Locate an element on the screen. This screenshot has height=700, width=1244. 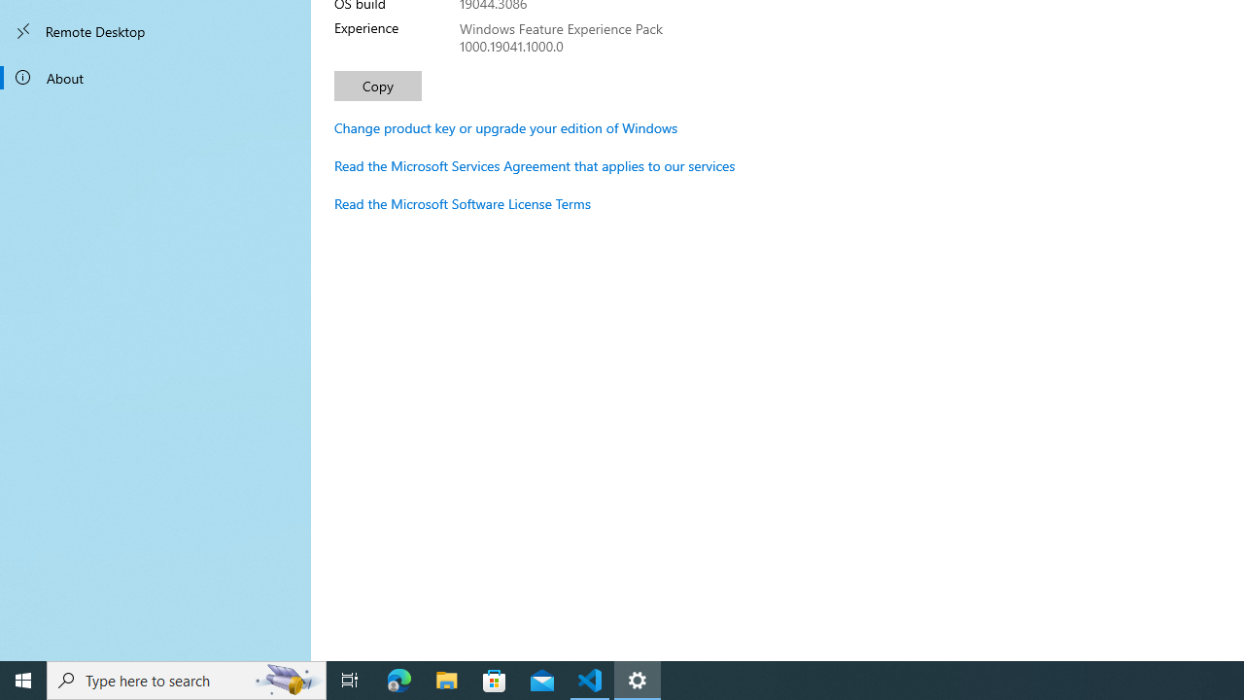
'Remote Desktop' is located at coordinates (155, 31).